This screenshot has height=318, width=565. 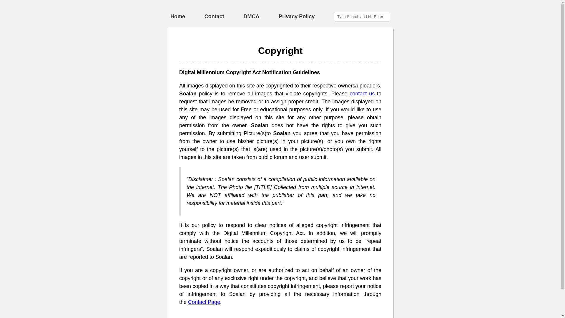 I want to click on 'DMCA', so click(x=251, y=16).